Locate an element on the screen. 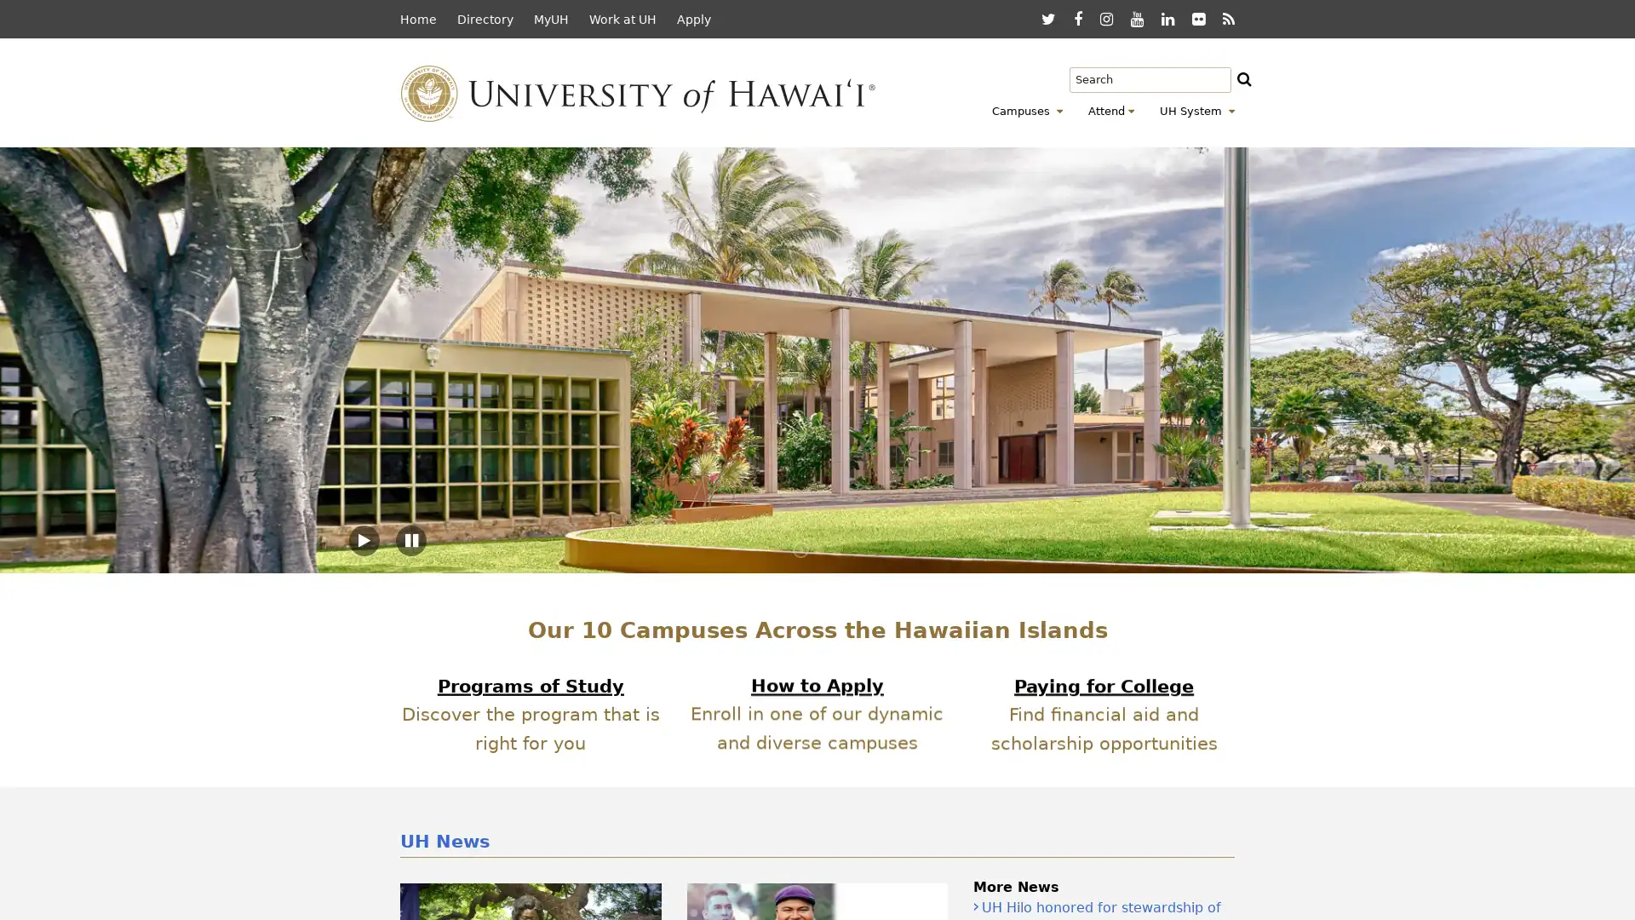  pause slider is located at coordinates (411, 541).